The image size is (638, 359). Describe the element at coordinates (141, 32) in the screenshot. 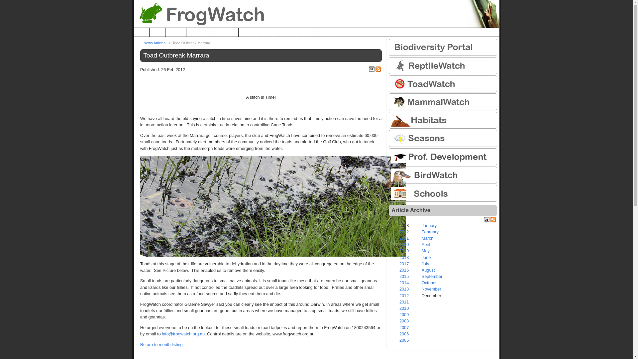

I see `'Home'` at that location.